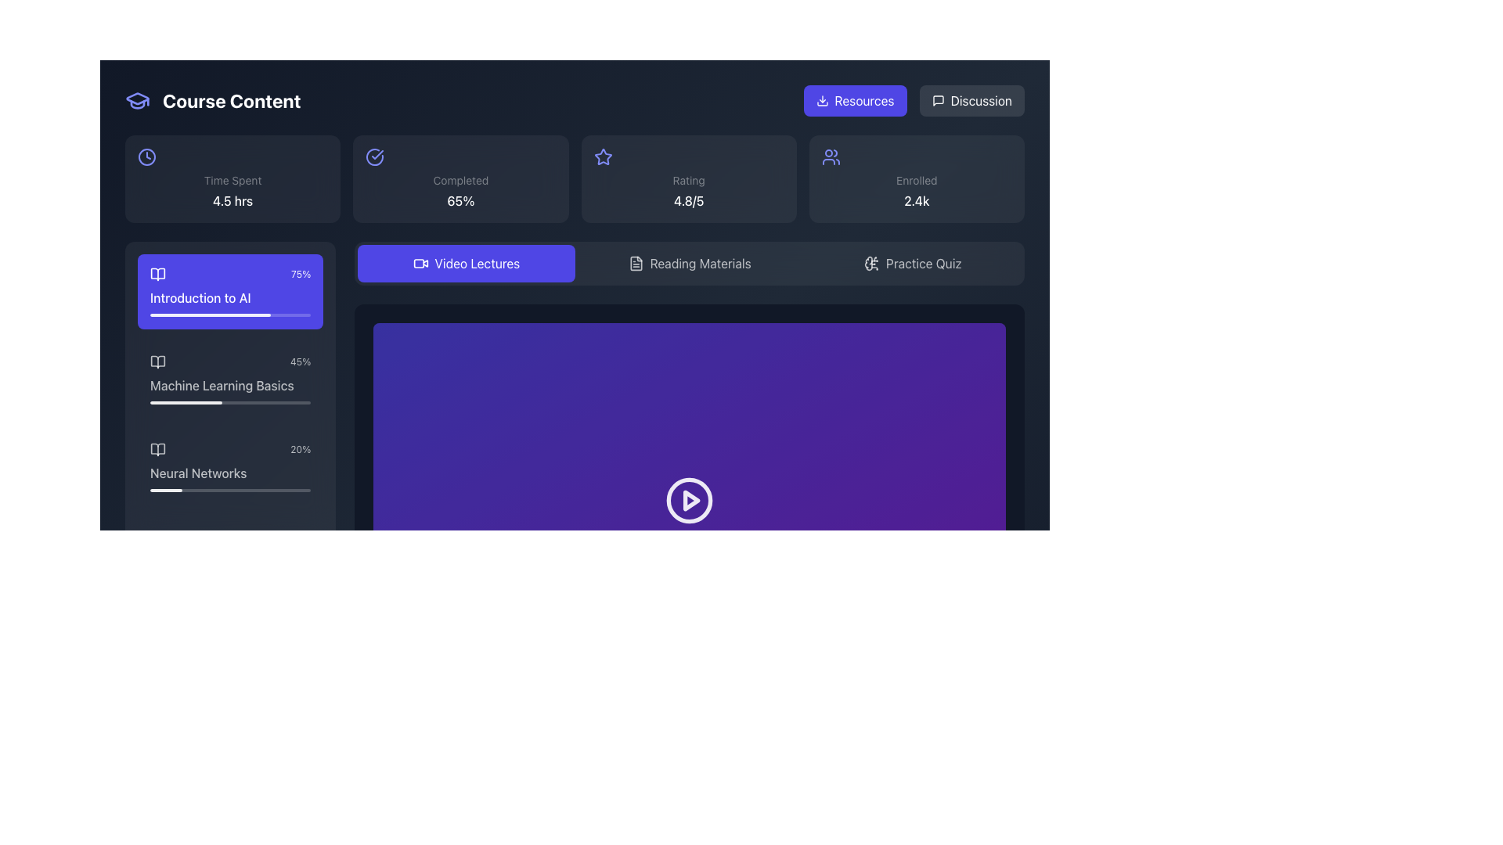 Image resolution: width=1503 pixels, height=845 pixels. What do you see at coordinates (232, 200) in the screenshot?
I see `the static text element that displays the duration of time spent on an activity, located in the 'Time Spent' block, centered below the 'Time Spent' label` at bounding box center [232, 200].